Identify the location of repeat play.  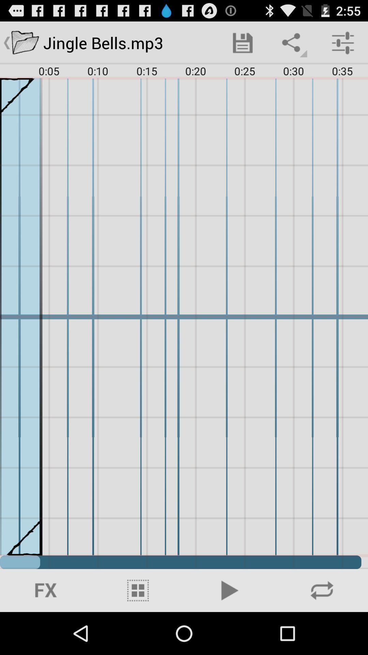
(322, 590).